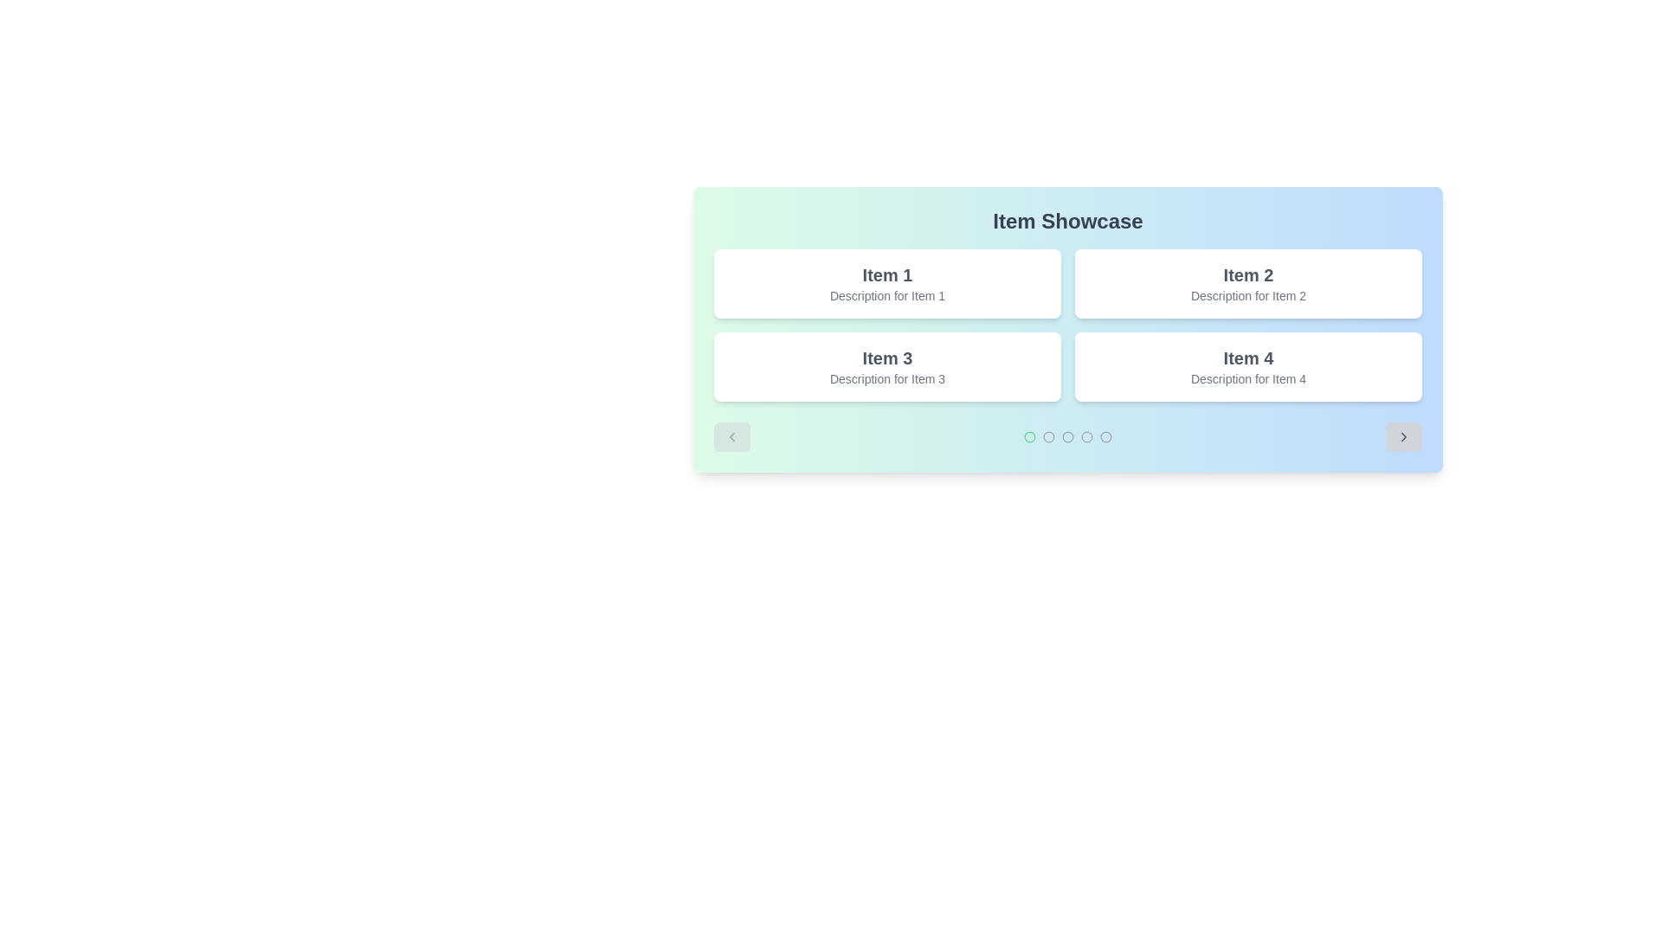 The height and width of the screenshot is (935, 1662). What do you see at coordinates (1404, 436) in the screenshot?
I see `the rightward arrow icon button located at the bottom-right corner of the interface` at bounding box center [1404, 436].